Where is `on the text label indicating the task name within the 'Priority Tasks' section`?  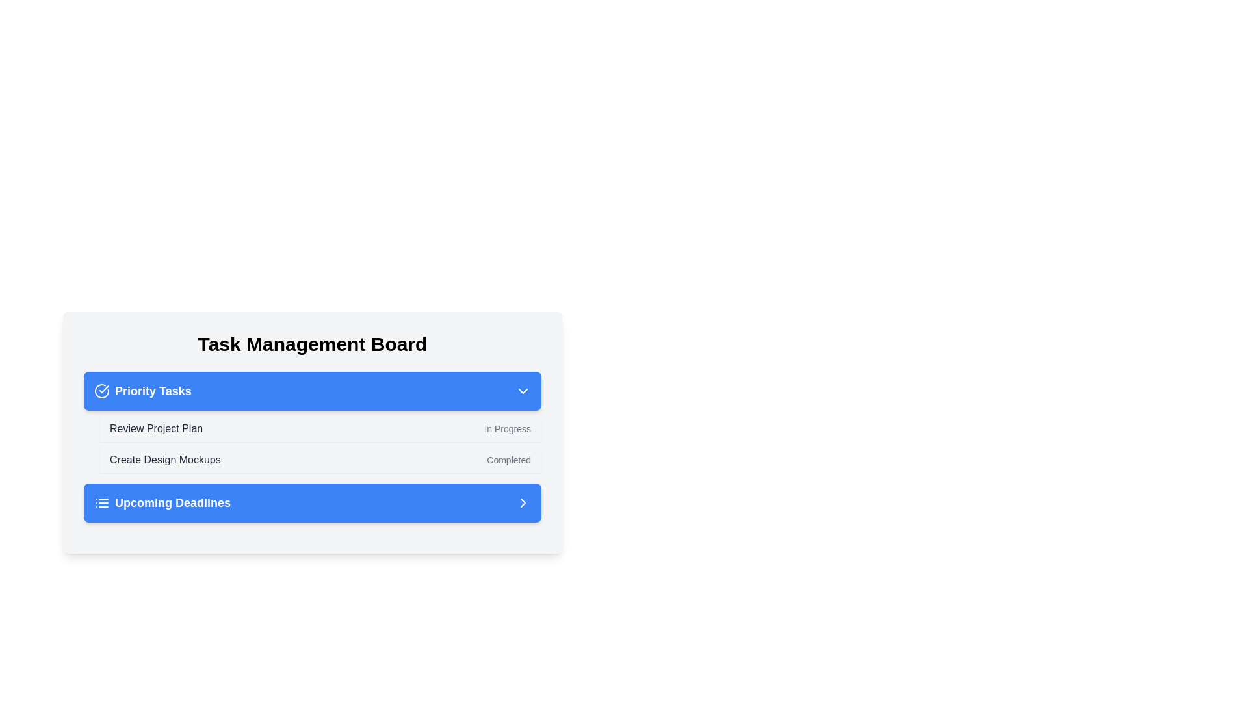
on the text label indicating the task name within the 'Priority Tasks' section is located at coordinates (164, 460).